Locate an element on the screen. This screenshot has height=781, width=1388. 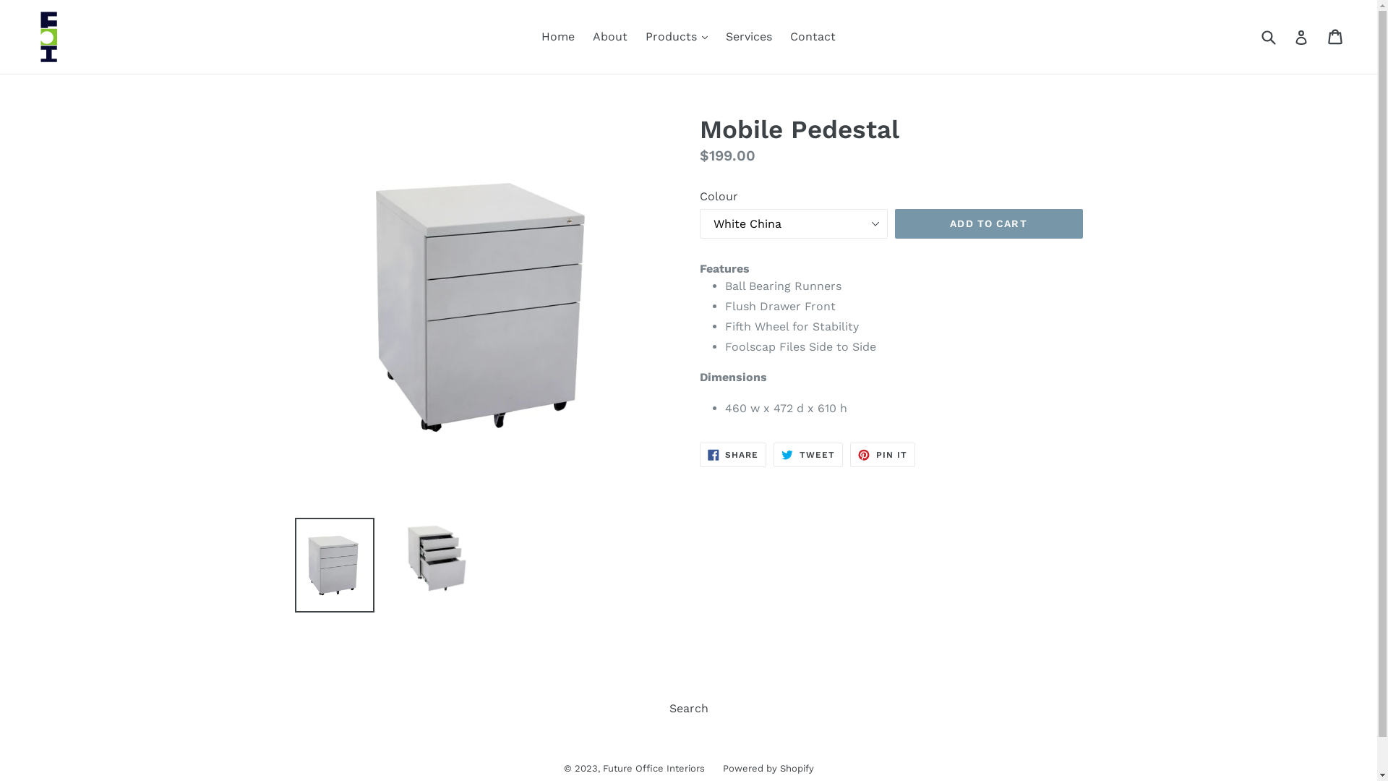
'PIN IT is located at coordinates (850, 453).